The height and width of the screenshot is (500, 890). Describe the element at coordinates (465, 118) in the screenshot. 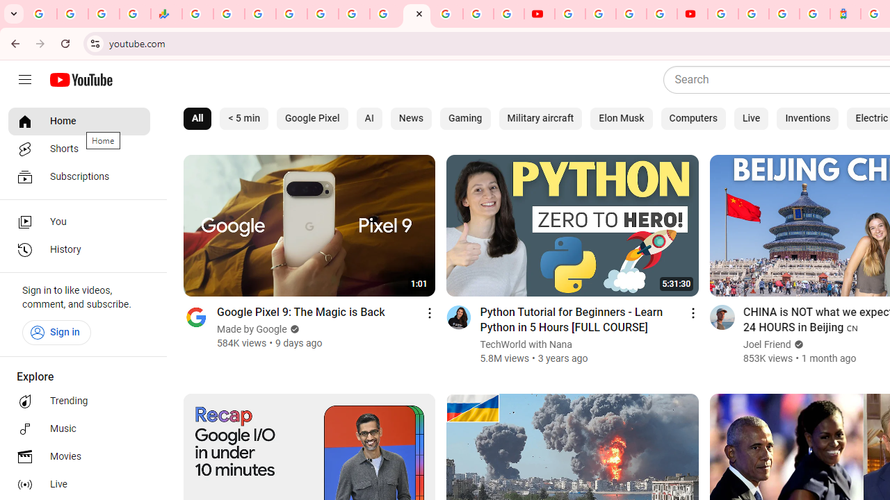

I see `'Gaming'` at that location.